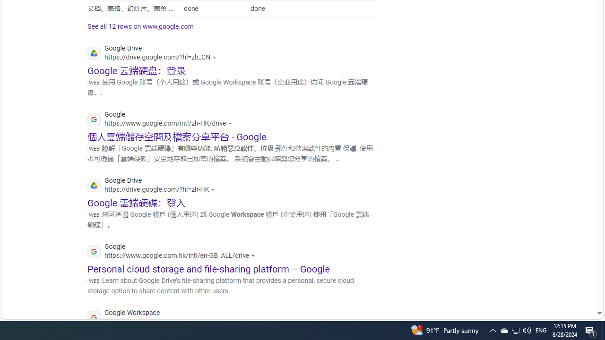  What do you see at coordinates (94, 318) in the screenshot?
I see `'Global web icon'` at bounding box center [94, 318].